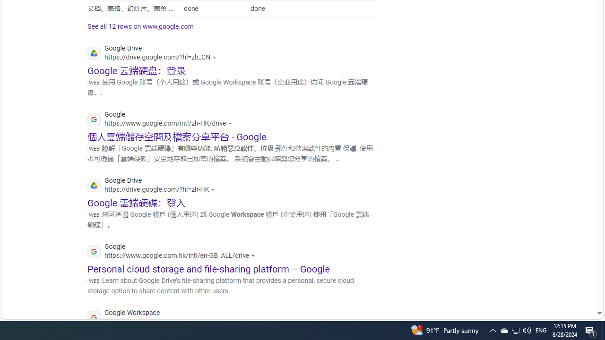  What do you see at coordinates (94, 318) in the screenshot?
I see `'Global web icon'` at bounding box center [94, 318].